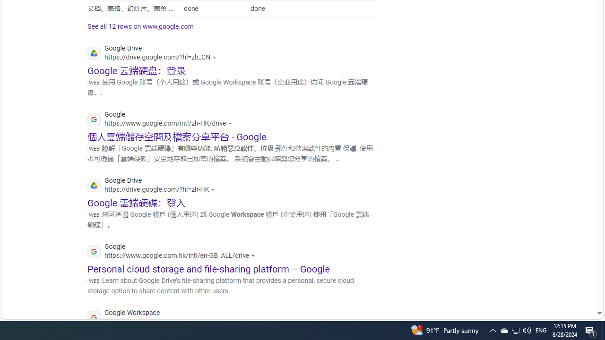  What do you see at coordinates (94, 318) in the screenshot?
I see `'Global web icon'` at bounding box center [94, 318].